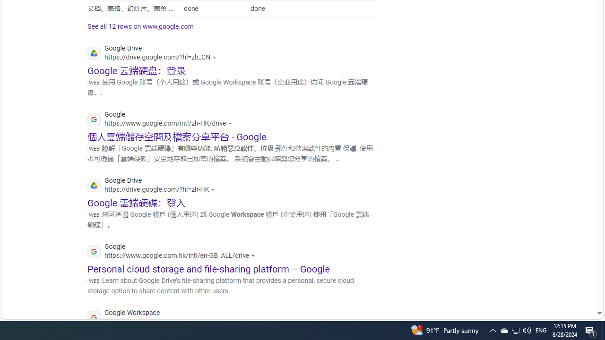  What do you see at coordinates (94, 318) in the screenshot?
I see `'Global web icon'` at bounding box center [94, 318].